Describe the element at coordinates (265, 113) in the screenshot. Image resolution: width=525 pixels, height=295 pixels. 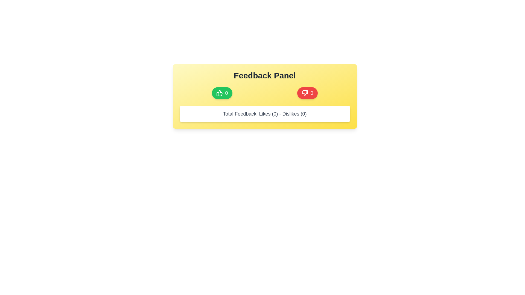
I see `text content from the Text display panel located at the bottom of the feedback panel, which shows the total count of likes and dislikes` at that location.